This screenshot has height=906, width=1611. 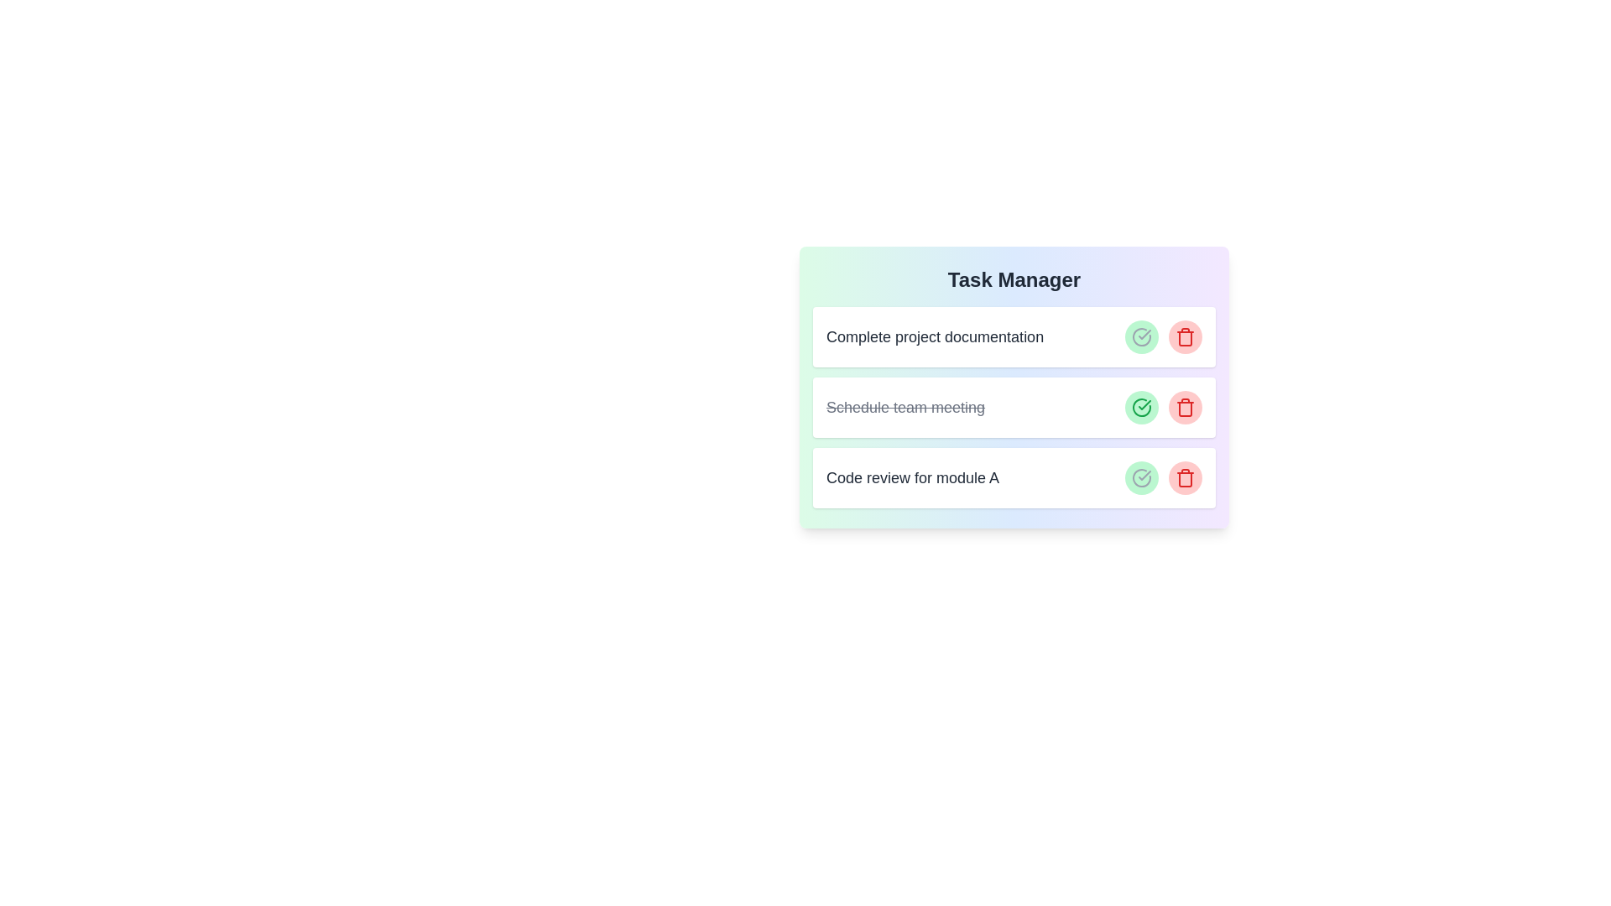 What do you see at coordinates (1184, 336) in the screenshot?
I see `the delete button for the task 'Complete project documentation'` at bounding box center [1184, 336].